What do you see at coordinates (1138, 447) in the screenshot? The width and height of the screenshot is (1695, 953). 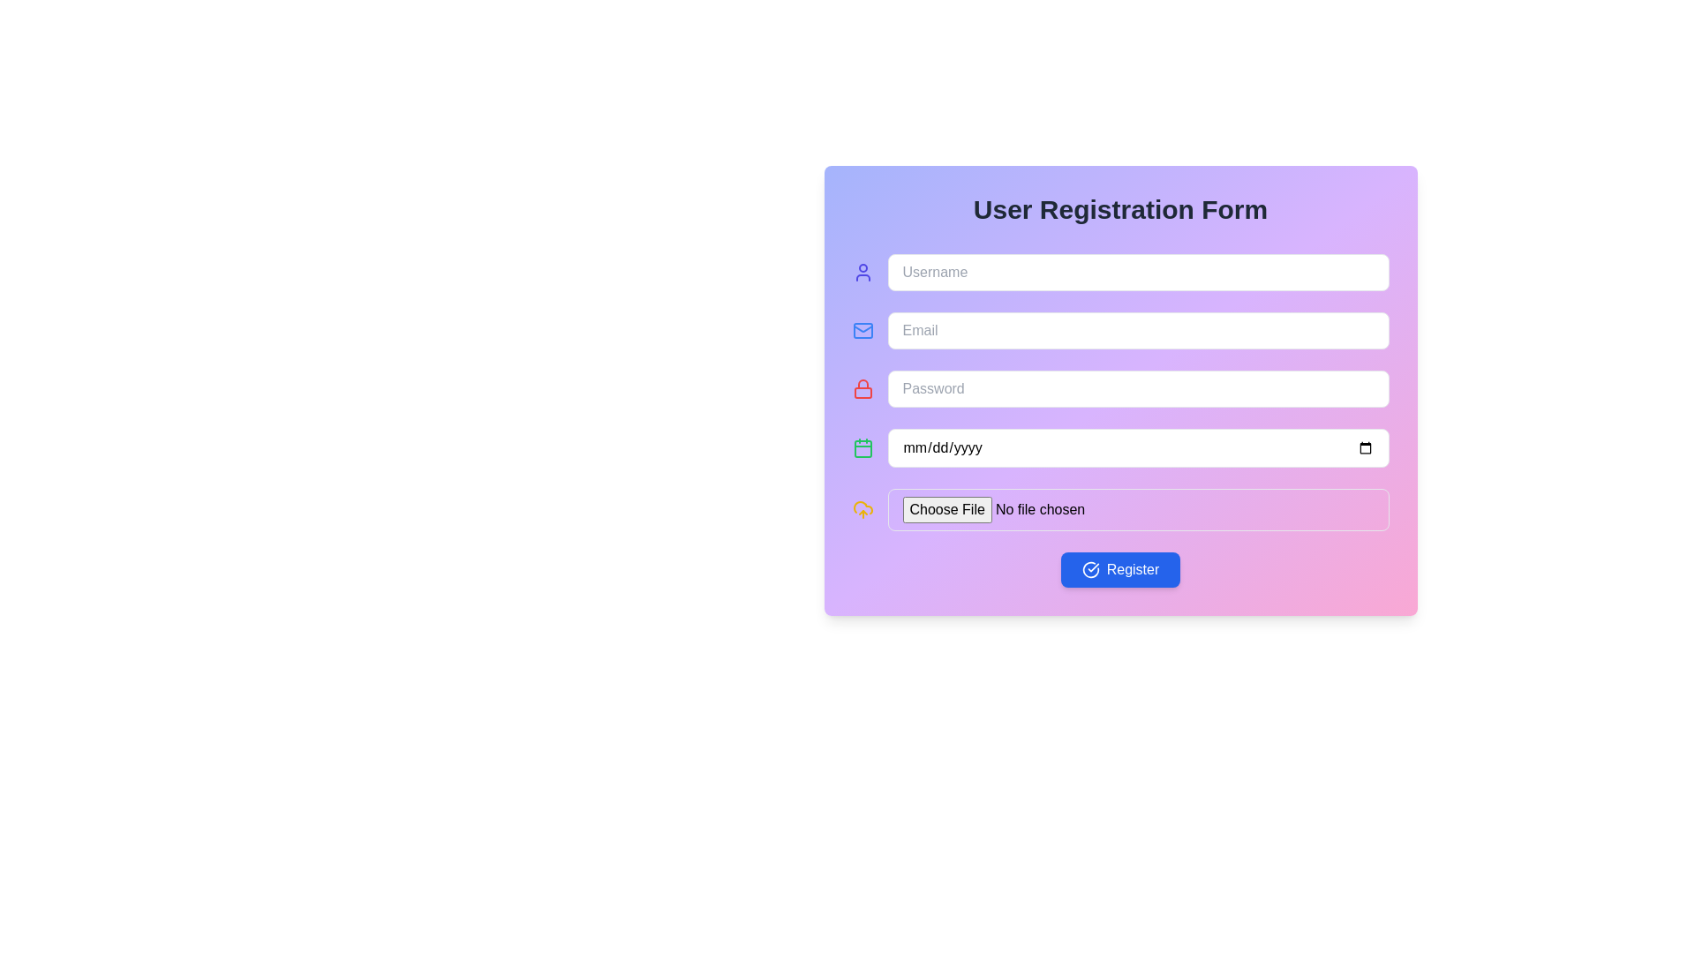 I see `the date input field on the user registration form` at bounding box center [1138, 447].